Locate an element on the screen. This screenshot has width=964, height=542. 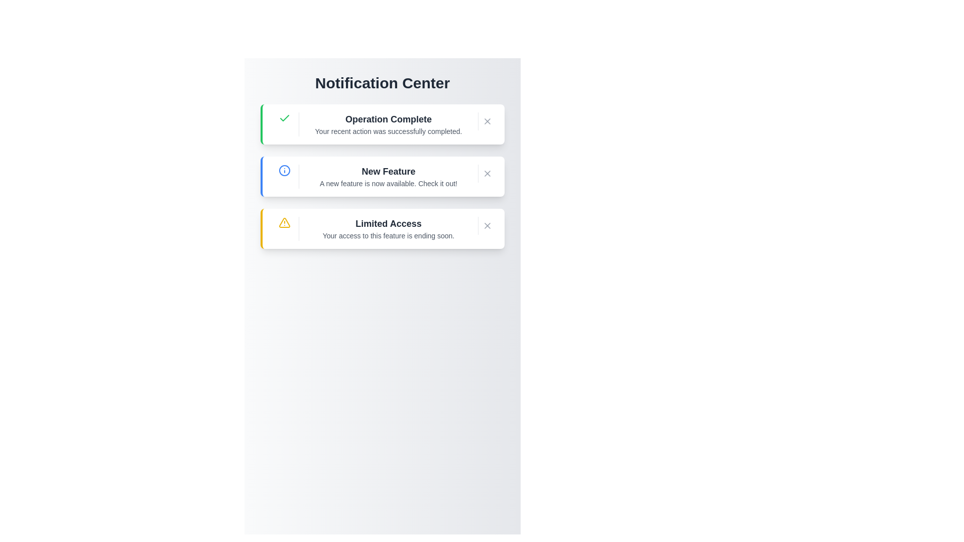
the Warning Icon located in the leftmost section of the 'Limited Access' notification entry, which visually indicates an issue or warning is located at coordinates (284, 222).